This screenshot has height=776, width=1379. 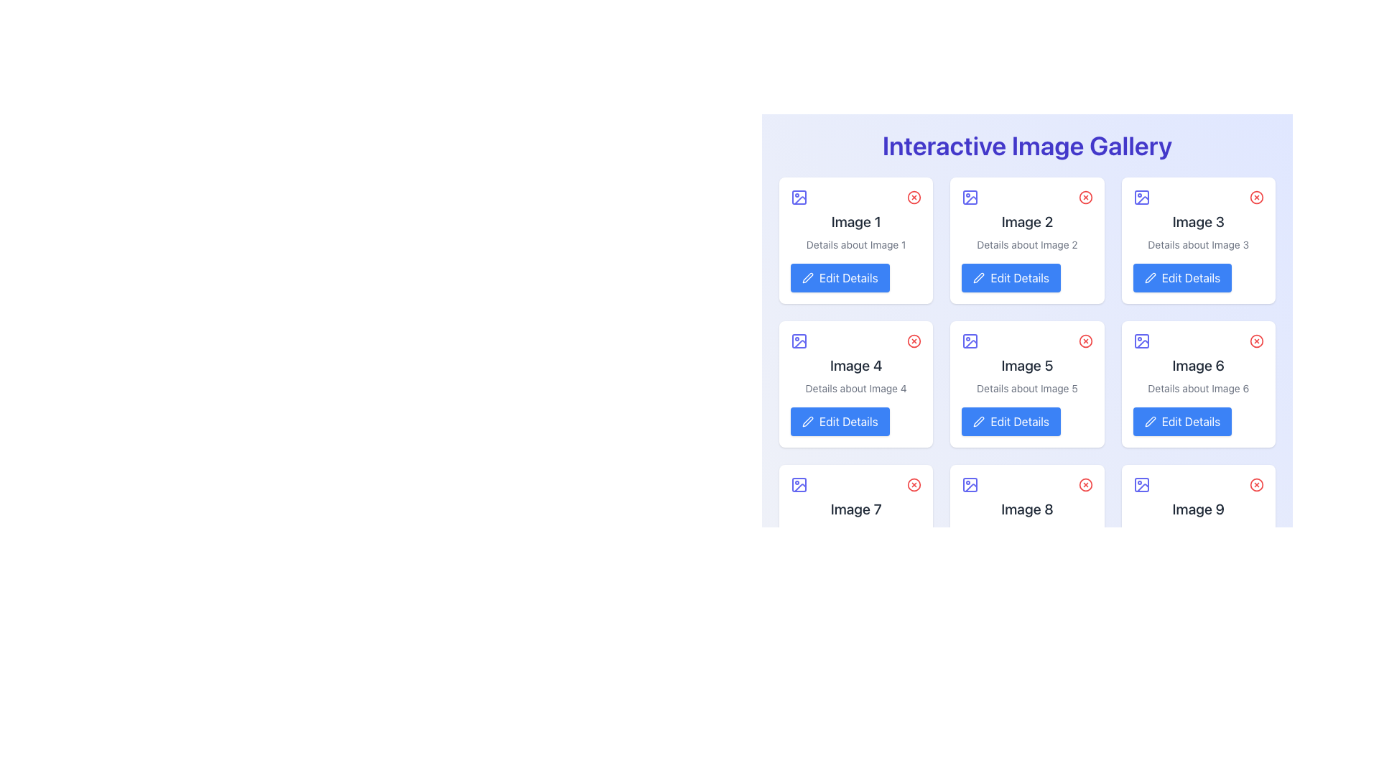 I want to click on the 'Edit Details' button with a blue background and pen icon, so click(x=840, y=277).